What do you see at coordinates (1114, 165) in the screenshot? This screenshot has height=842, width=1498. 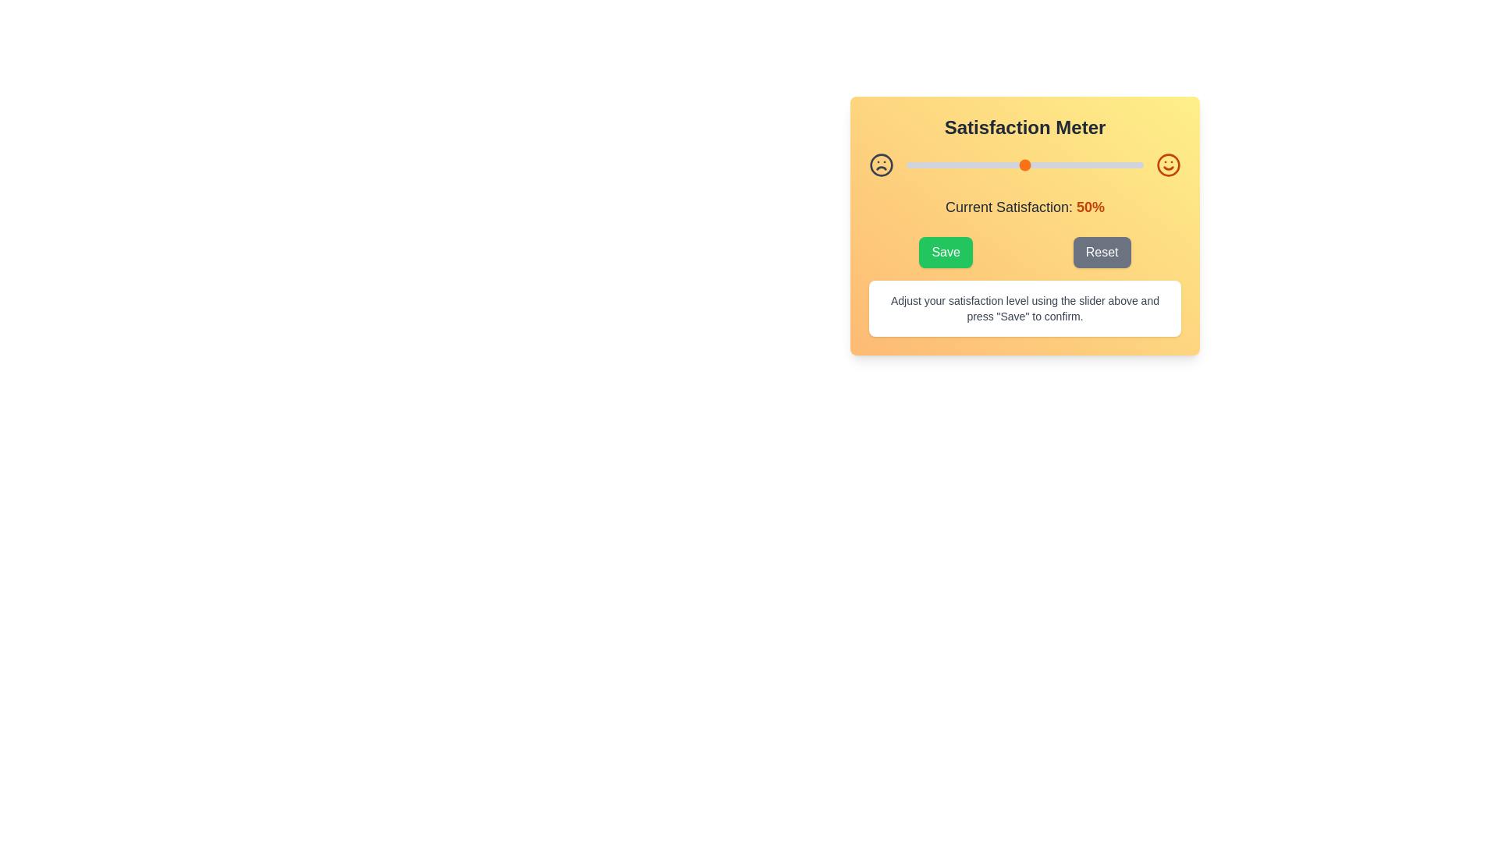 I see `the satisfaction level to 88% by moving the slider` at bounding box center [1114, 165].